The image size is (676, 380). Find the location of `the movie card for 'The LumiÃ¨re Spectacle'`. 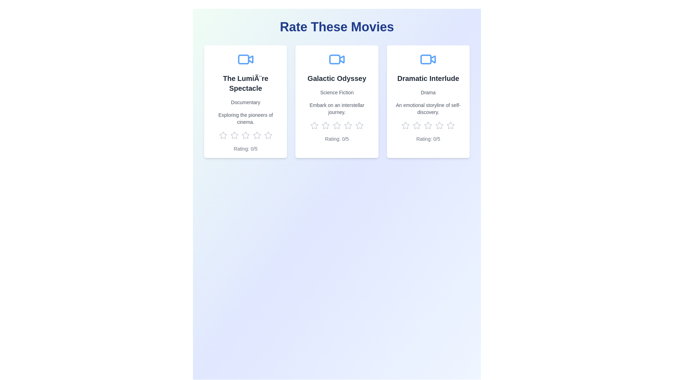

the movie card for 'The LumiÃ¨re Spectacle' is located at coordinates (245, 102).